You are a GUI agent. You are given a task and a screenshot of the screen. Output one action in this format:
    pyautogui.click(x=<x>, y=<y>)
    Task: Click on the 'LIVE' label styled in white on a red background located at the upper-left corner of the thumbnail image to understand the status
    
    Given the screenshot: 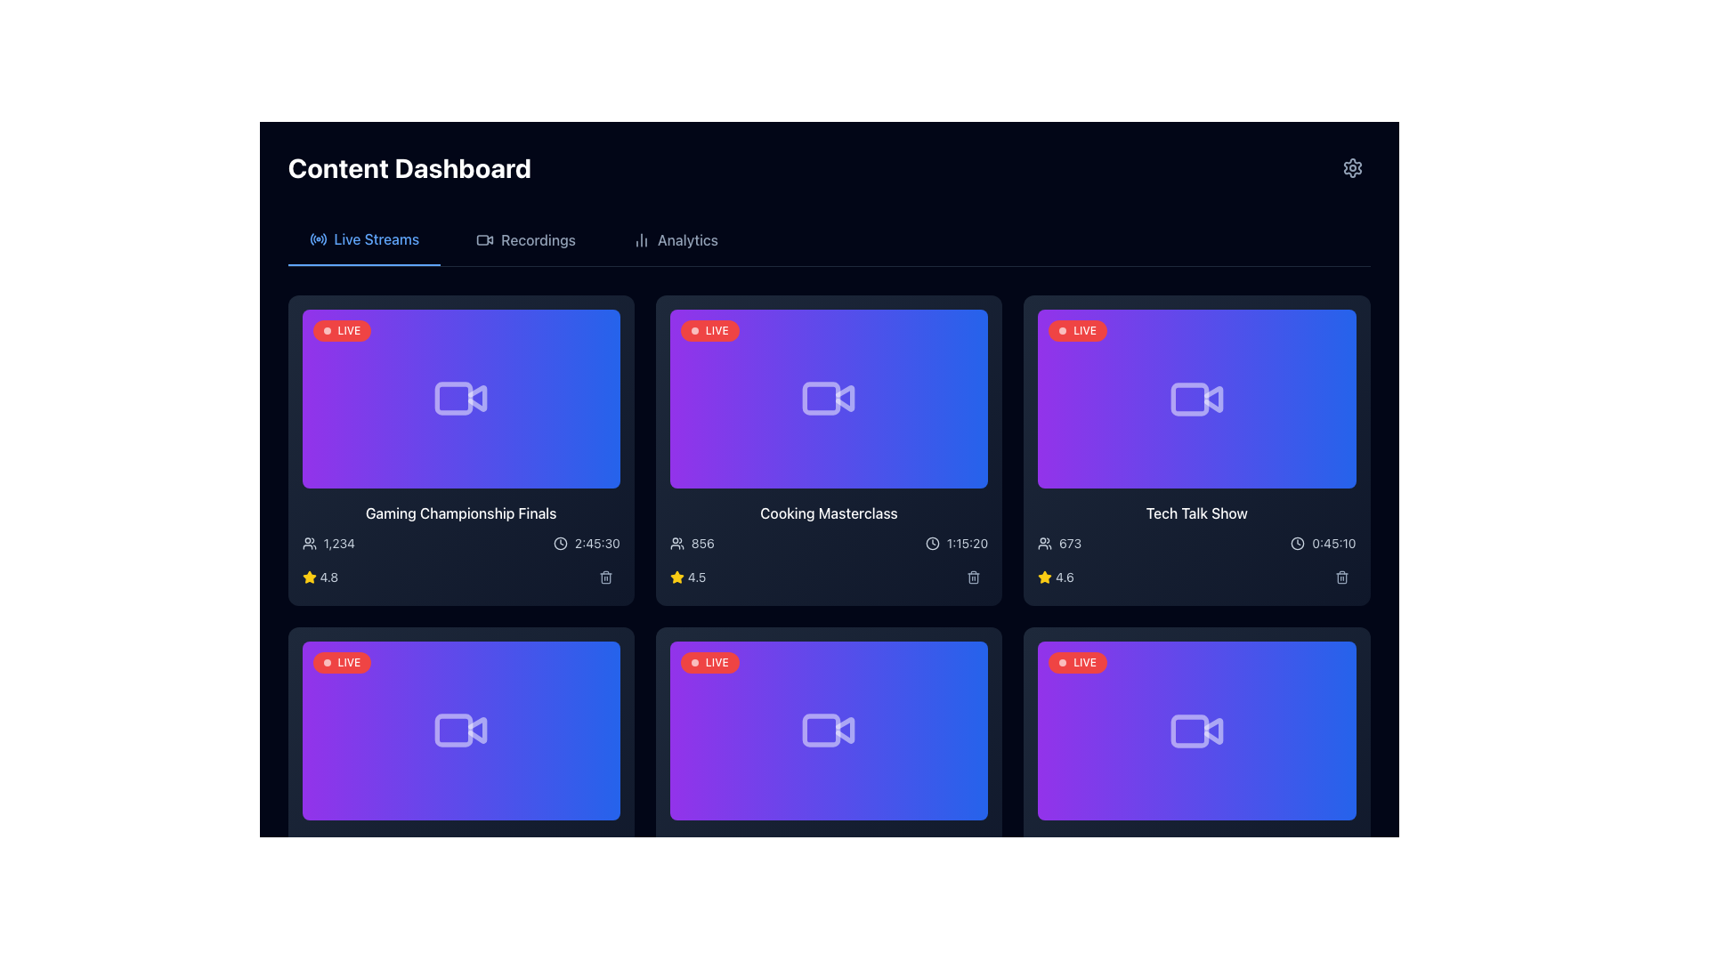 What is the action you would take?
    pyautogui.click(x=349, y=662)
    